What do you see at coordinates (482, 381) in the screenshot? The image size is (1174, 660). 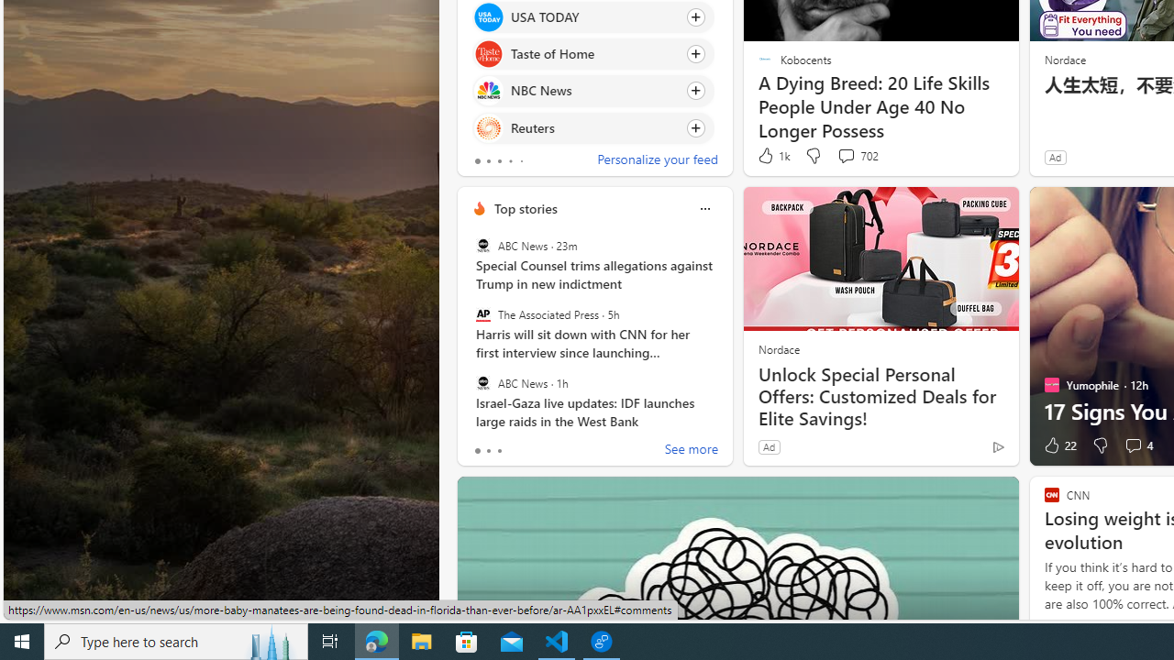 I see `'ABC News'` at bounding box center [482, 381].